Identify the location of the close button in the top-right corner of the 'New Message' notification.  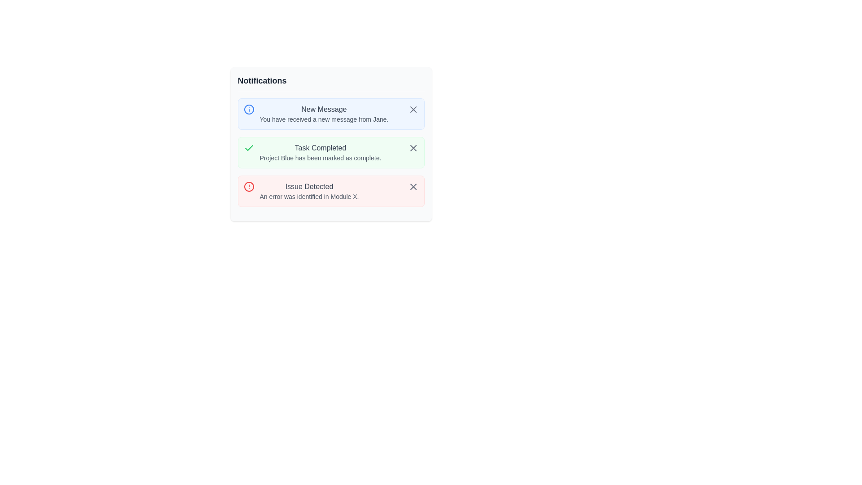
(413, 109).